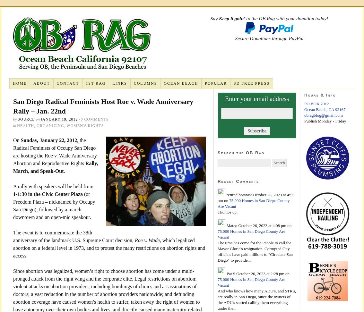 The image size is (364, 312). Describe the element at coordinates (238, 181) in the screenshot. I see `'Recent Comments'` at that location.